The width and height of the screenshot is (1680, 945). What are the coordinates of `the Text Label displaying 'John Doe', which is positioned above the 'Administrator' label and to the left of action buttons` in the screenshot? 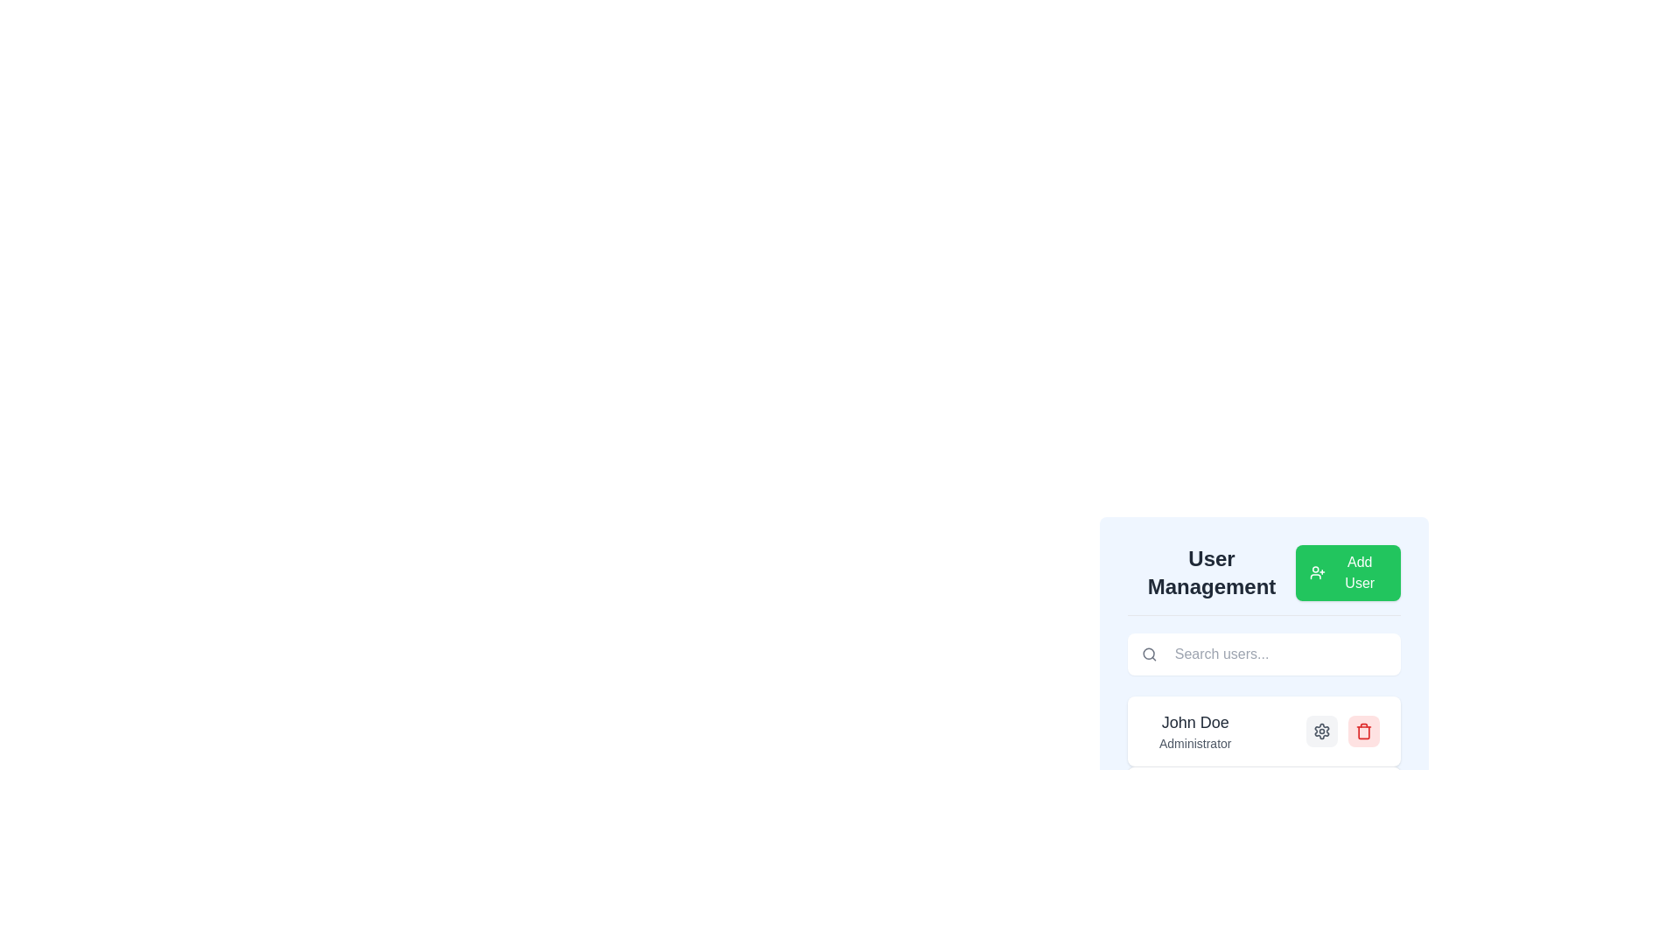 It's located at (1194, 722).